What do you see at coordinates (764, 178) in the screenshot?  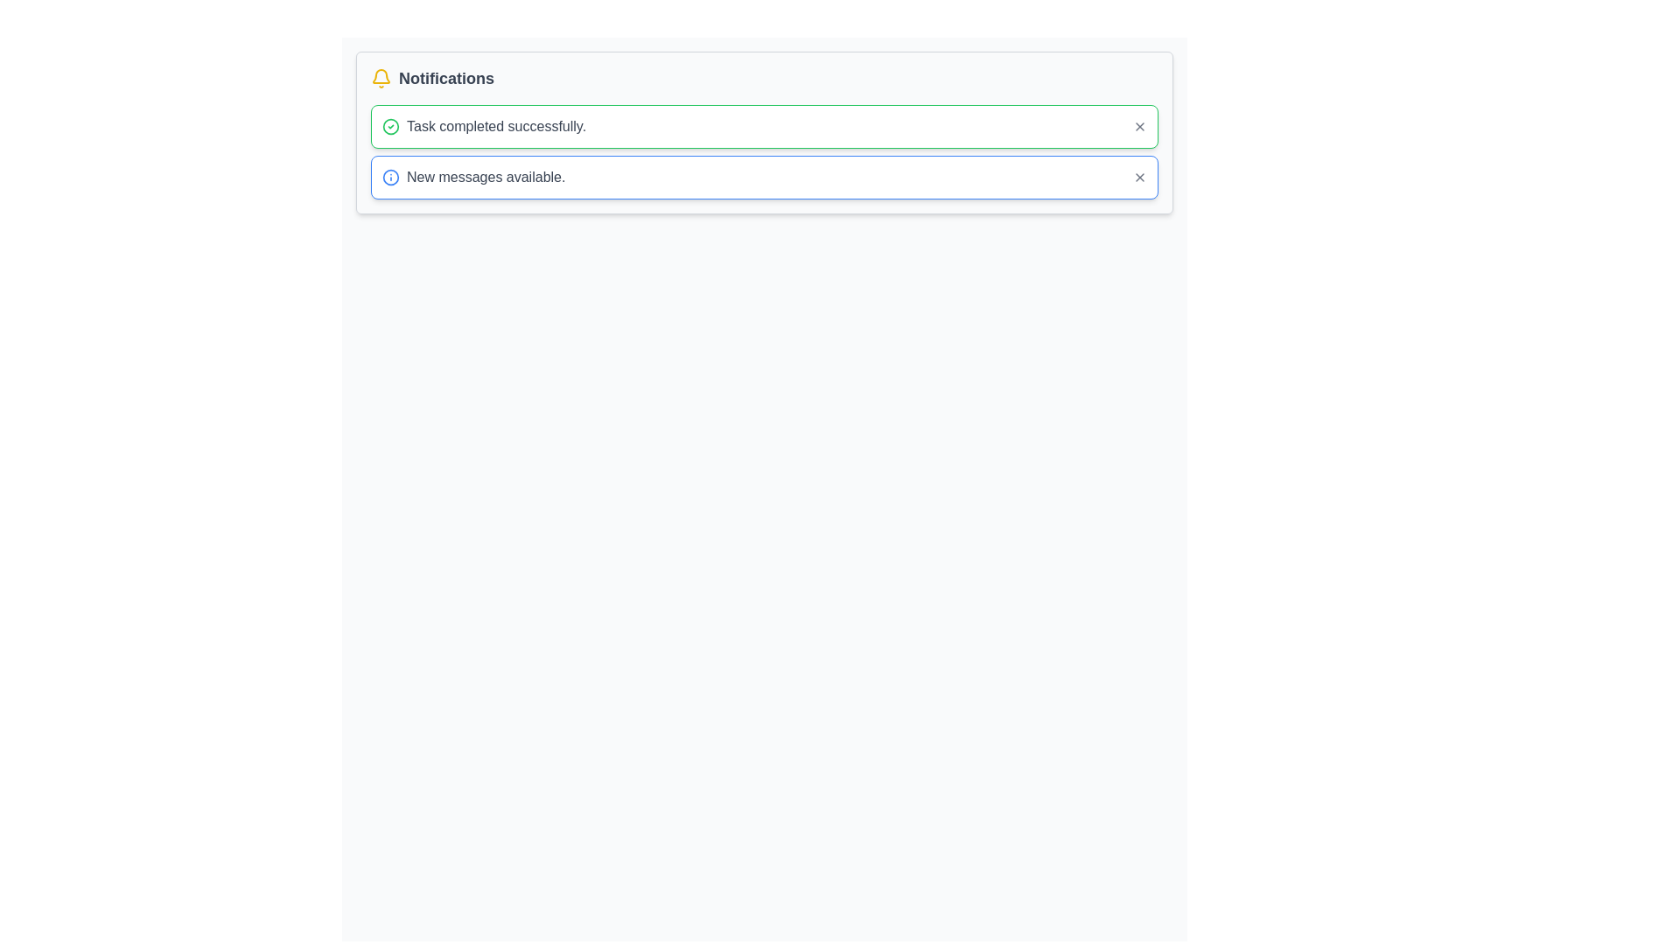 I see `informational notification banner that displays 'New messages available.'` at bounding box center [764, 178].